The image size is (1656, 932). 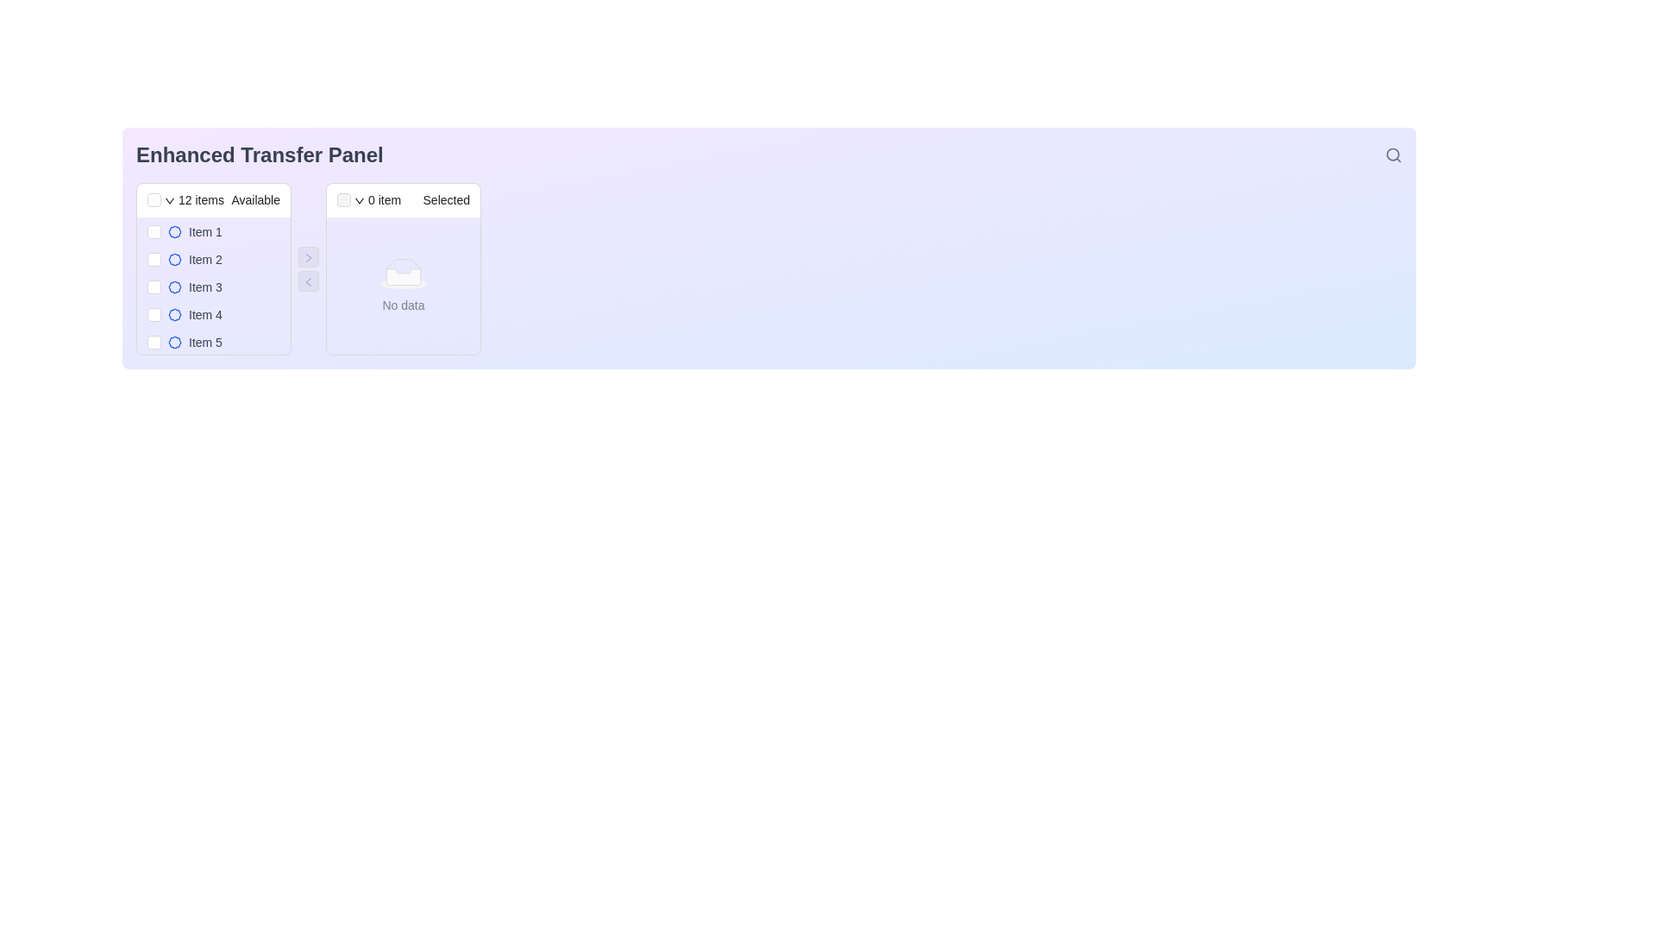 I want to click on the badge icon representing 'Item 3', which is positioned immediately to the left of the text in the third position of the list, so click(x=174, y=286).